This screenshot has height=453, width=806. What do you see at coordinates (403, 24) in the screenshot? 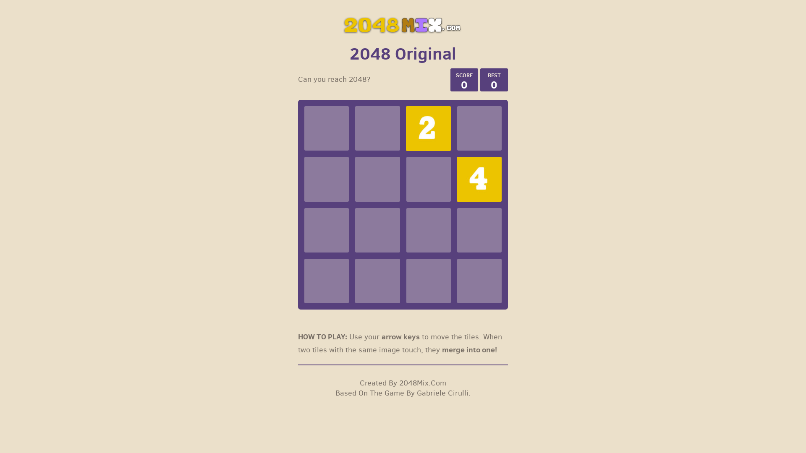
I see `'2048 Mix'` at bounding box center [403, 24].